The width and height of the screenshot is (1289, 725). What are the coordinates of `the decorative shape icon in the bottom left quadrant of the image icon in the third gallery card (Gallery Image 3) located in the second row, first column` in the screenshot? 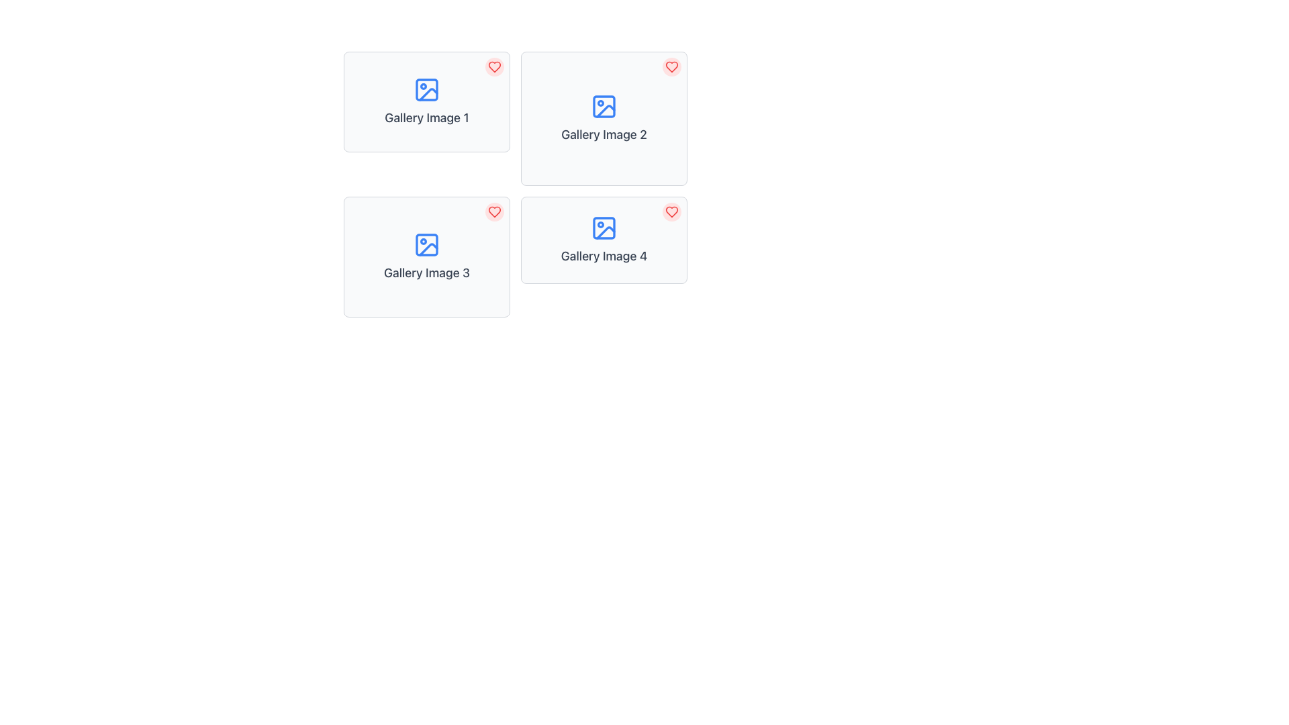 It's located at (428, 249).